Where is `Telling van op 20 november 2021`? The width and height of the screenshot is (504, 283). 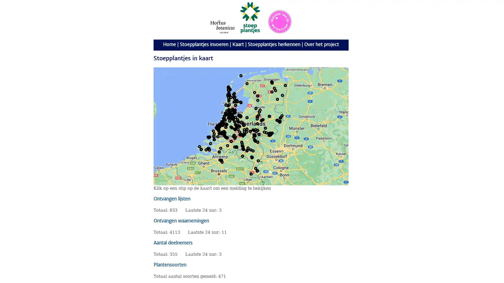
Telling van op 20 november 2021 is located at coordinates (234, 93).